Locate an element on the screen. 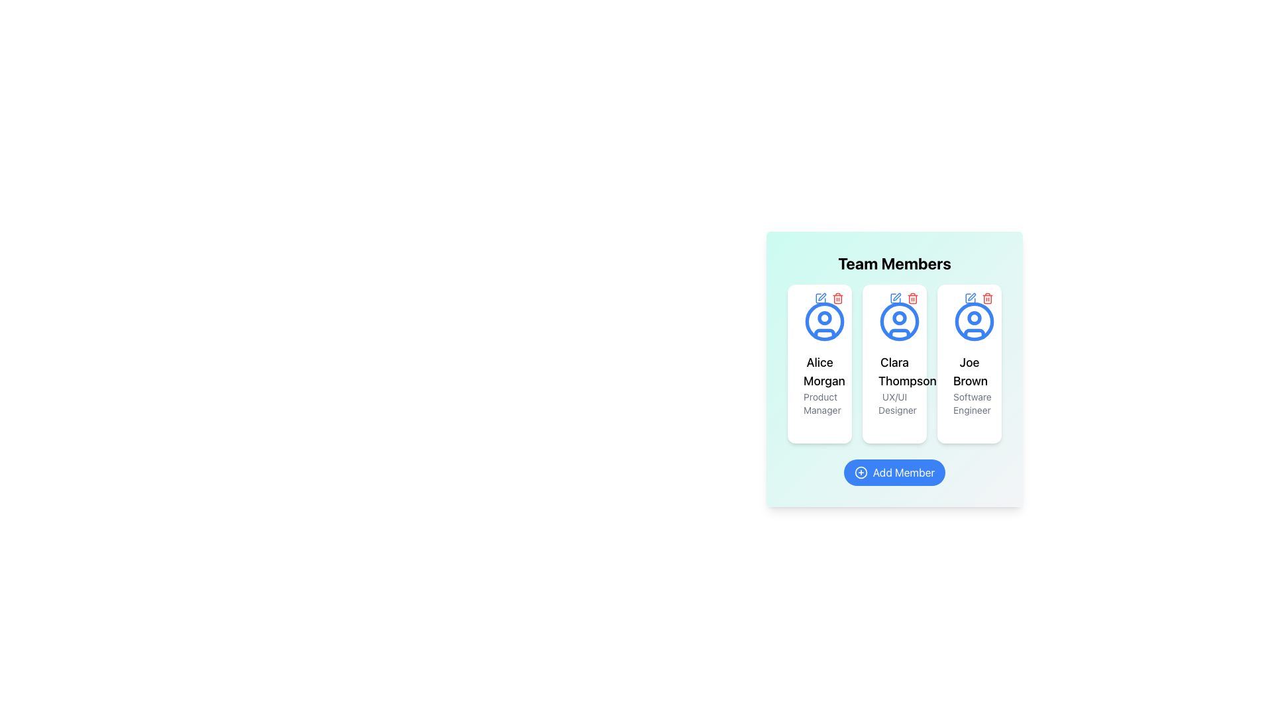 Image resolution: width=1272 pixels, height=715 pixels. the icons in the top-right corner of the profile card for 'Joe Brown, Software Engineer' is located at coordinates (979, 299).